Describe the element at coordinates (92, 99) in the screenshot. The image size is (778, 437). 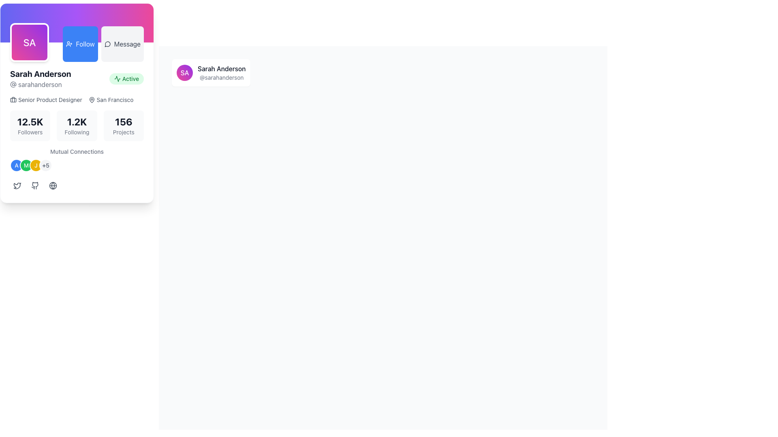
I see `the SVG Icon that visually denotes the geographical location 'San Francisco', which is located to the left of the text label within a horizontal alignment` at that location.